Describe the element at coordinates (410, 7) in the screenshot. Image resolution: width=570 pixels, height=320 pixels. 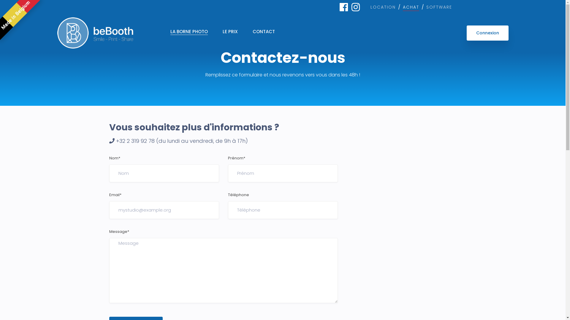
I see `'ACHAT'` at that location.